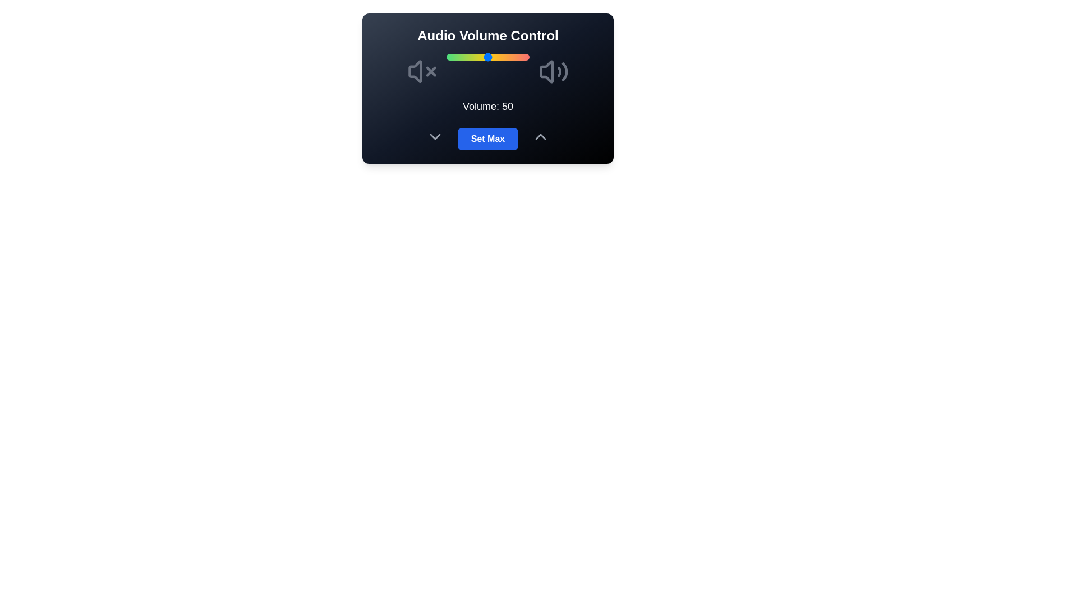 This screenshot has height=606, width=1077. I want to click on the volume slider to 2 percent, so click(447, 57).